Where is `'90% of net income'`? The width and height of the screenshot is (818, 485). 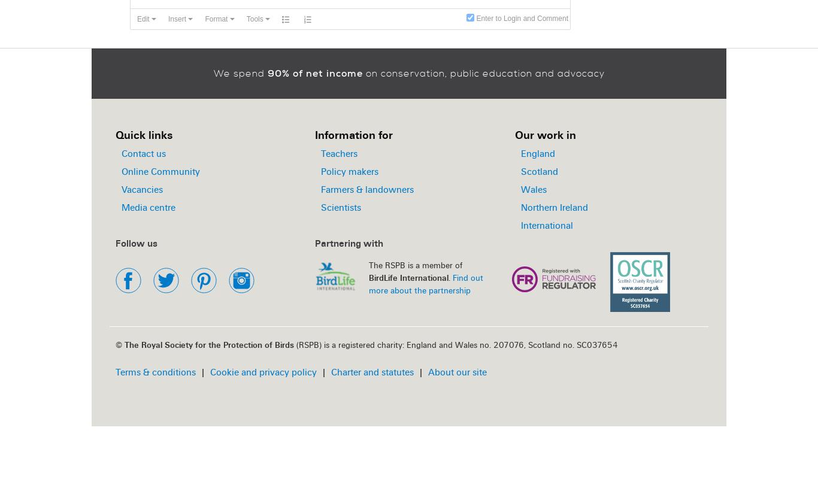 '90% of net income' is located at coordinates (314, 73).